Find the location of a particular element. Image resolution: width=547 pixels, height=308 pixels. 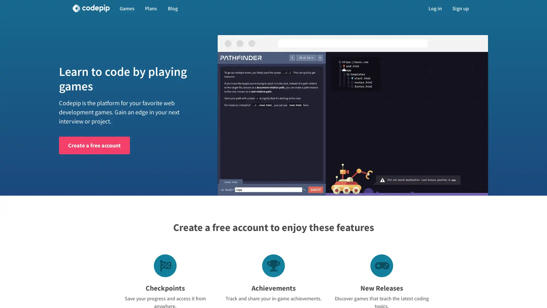

Next is located at coordinates (468, 123).